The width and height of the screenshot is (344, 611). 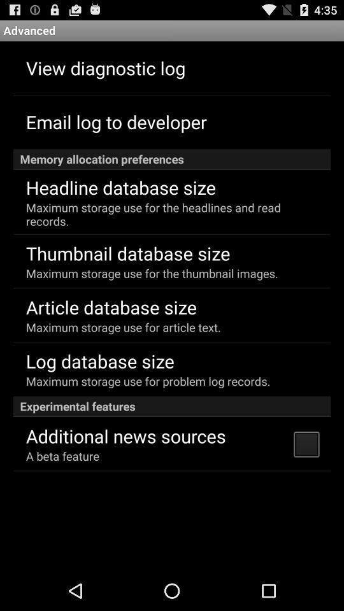 I want to click on the item below the maximum storage use, so click(x=172, y=405).